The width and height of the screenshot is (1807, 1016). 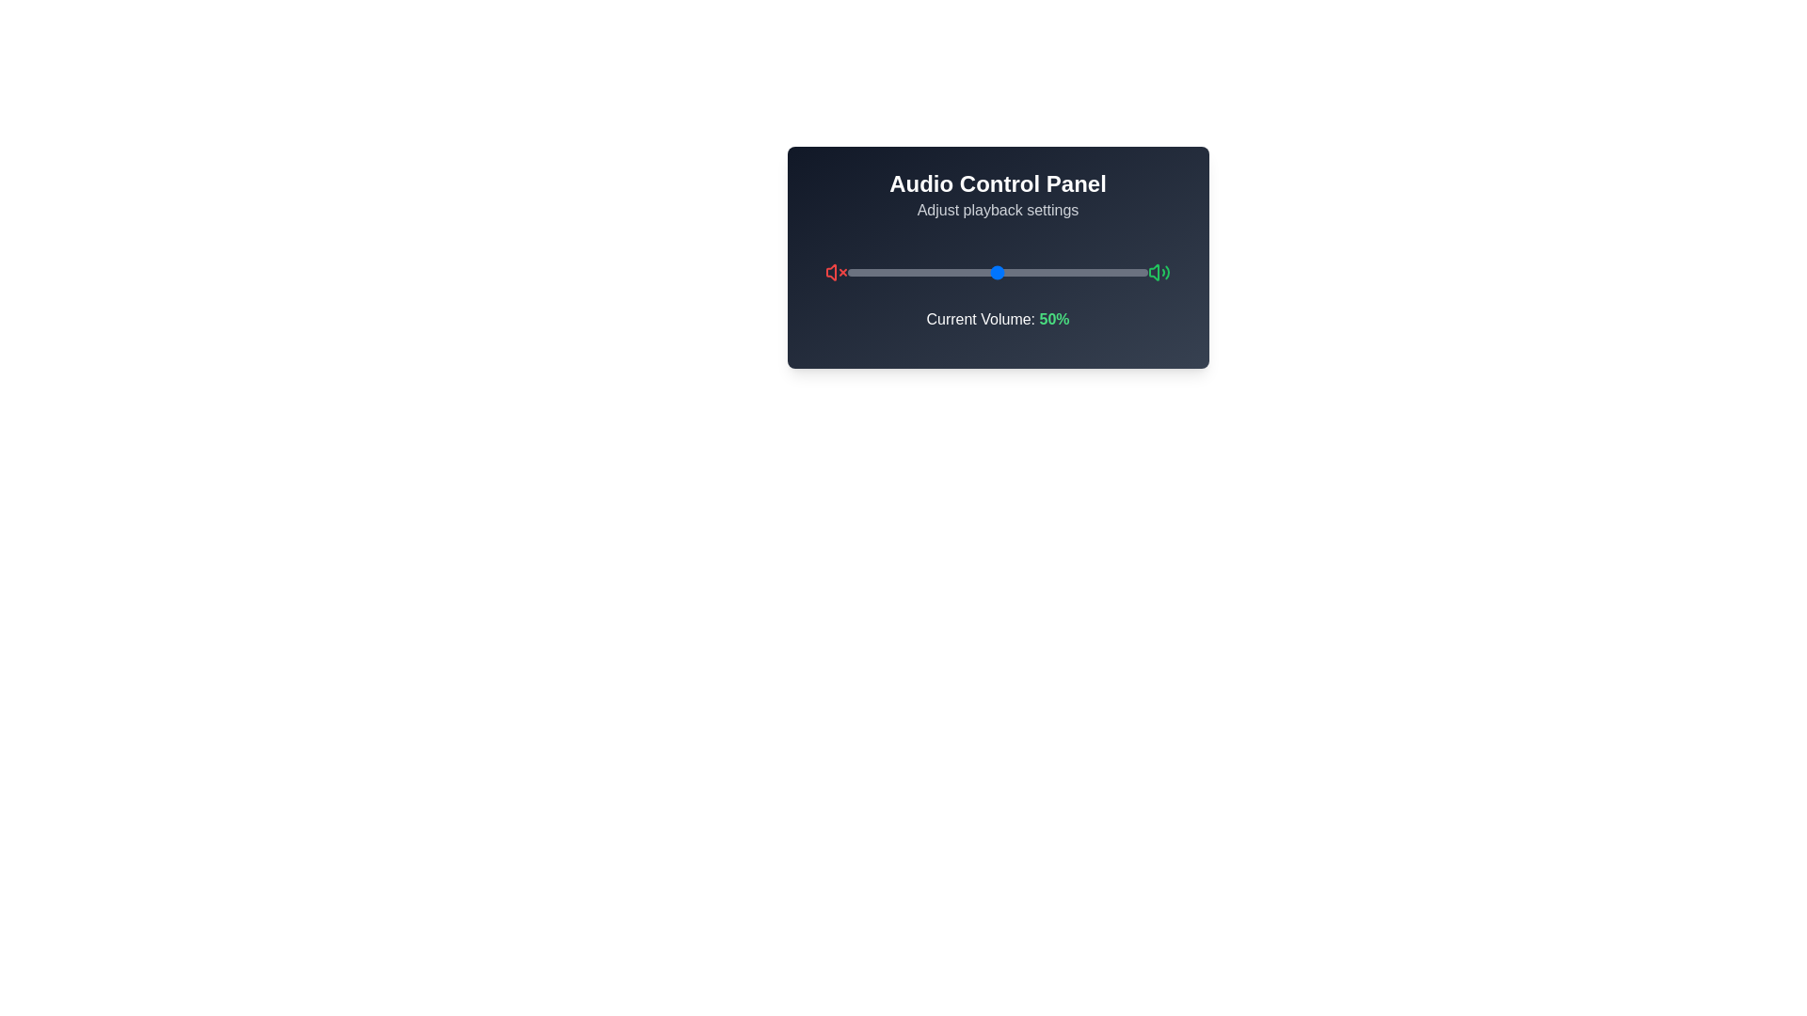 What do you see at coordinates (1159, 272) in the screenshot?
I see `the unmute icon to activate its functionality` at bounding box center [1159, 272].